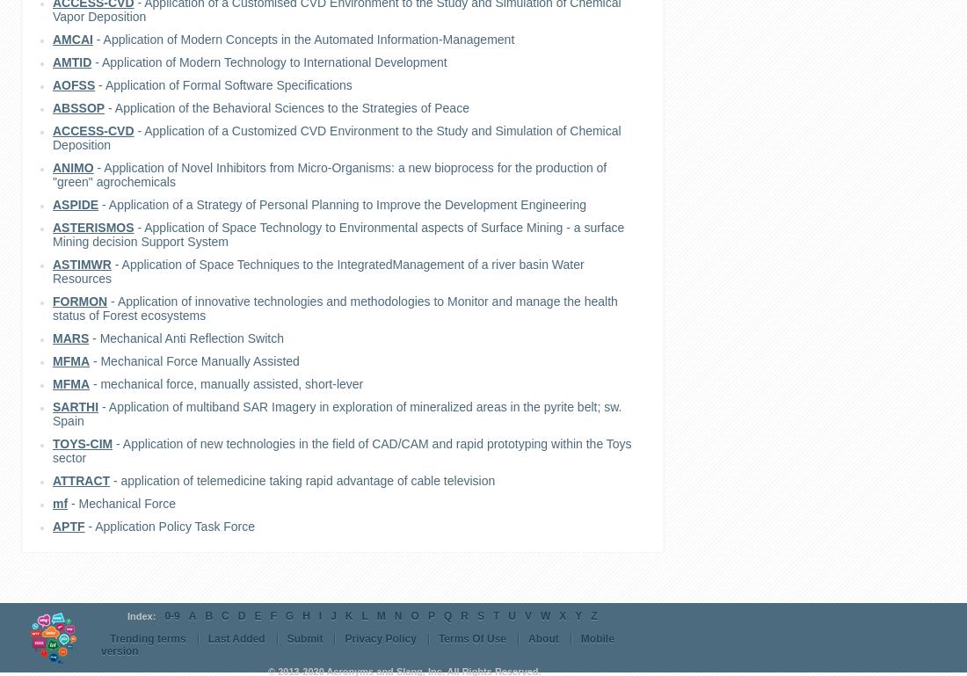  Describe the element at coordinates (480, 616) in the screenshot. I see `'S'` at that location.